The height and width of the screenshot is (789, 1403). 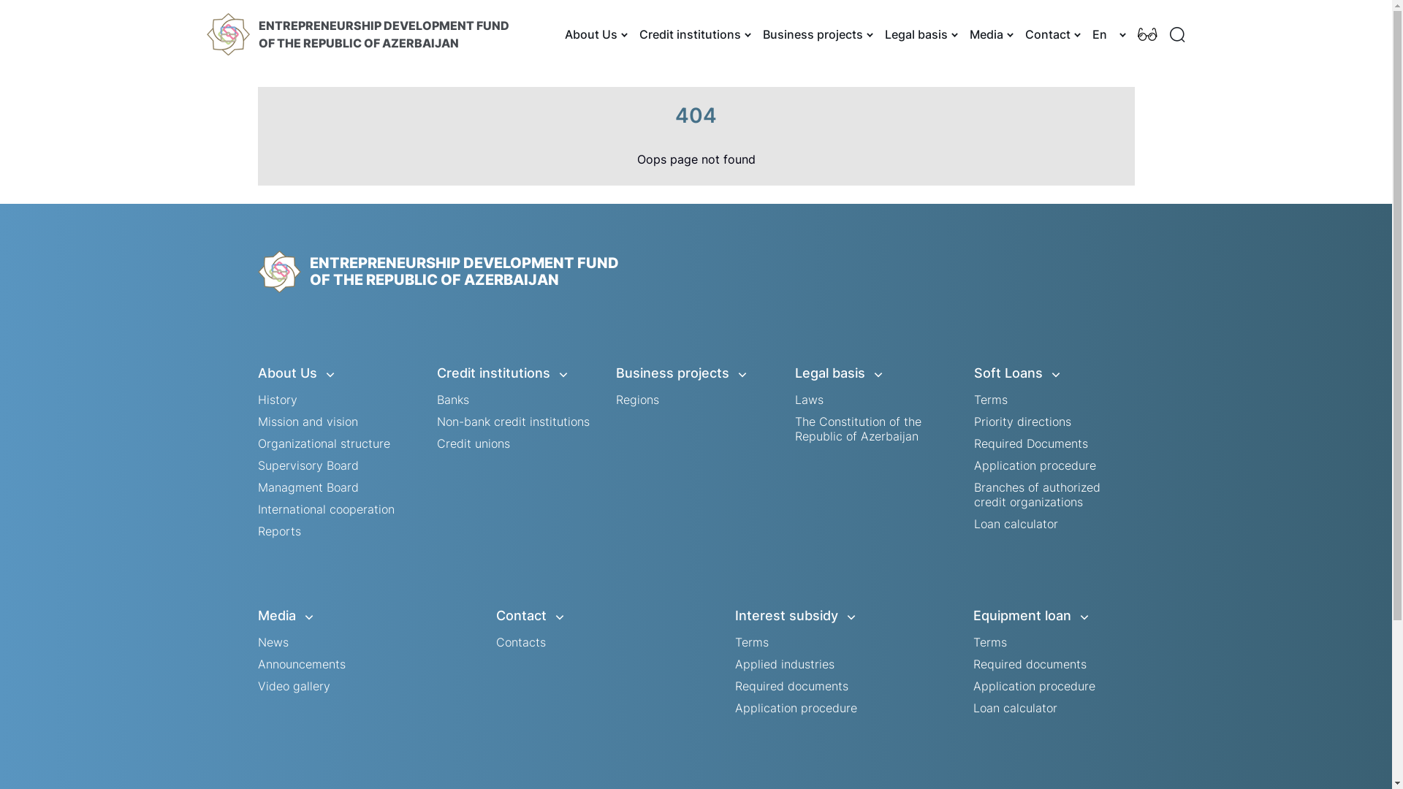 What do you see at coordinates (1014, 523) in the screenshot?
I see `'Loan calculator'` at bounding box center [1014, 523].